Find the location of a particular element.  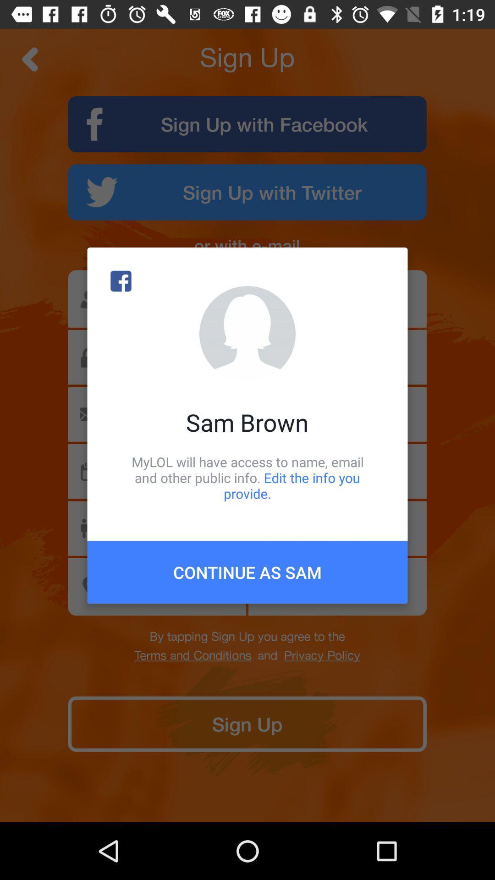

mylol will have is located at coordinates (247, 477).